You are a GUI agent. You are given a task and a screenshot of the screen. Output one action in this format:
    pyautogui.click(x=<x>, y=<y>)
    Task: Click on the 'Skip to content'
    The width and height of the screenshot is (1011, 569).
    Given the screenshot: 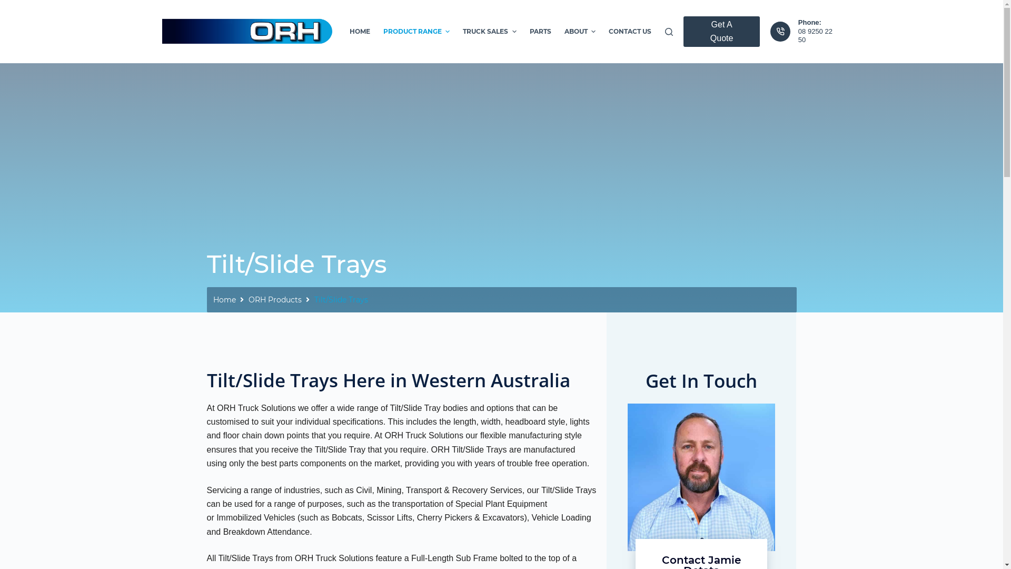 What is the action you would take?
    pyautogui.click(x=0, y=5)
    